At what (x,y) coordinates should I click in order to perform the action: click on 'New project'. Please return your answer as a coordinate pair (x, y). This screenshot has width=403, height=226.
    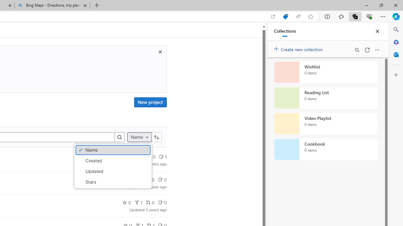
    Looking at the image, I should click on (150, 102).